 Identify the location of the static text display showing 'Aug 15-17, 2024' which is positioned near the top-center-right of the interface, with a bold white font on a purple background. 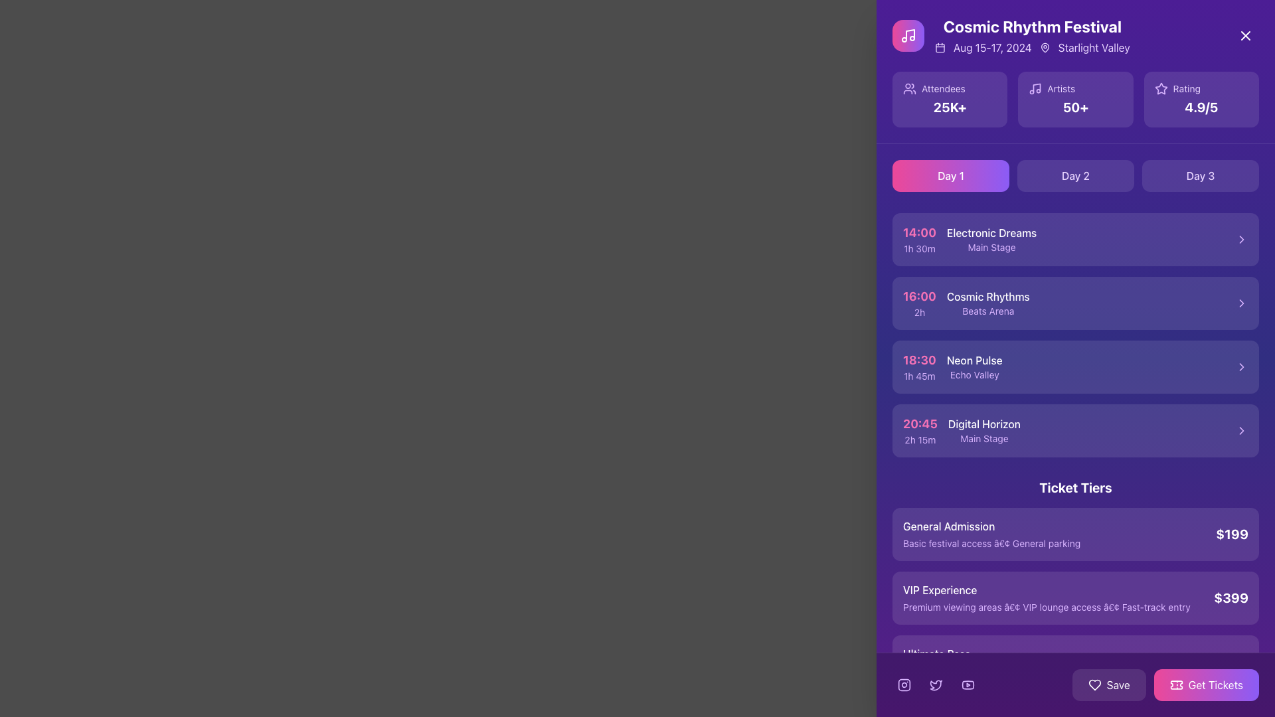
(992, 47).